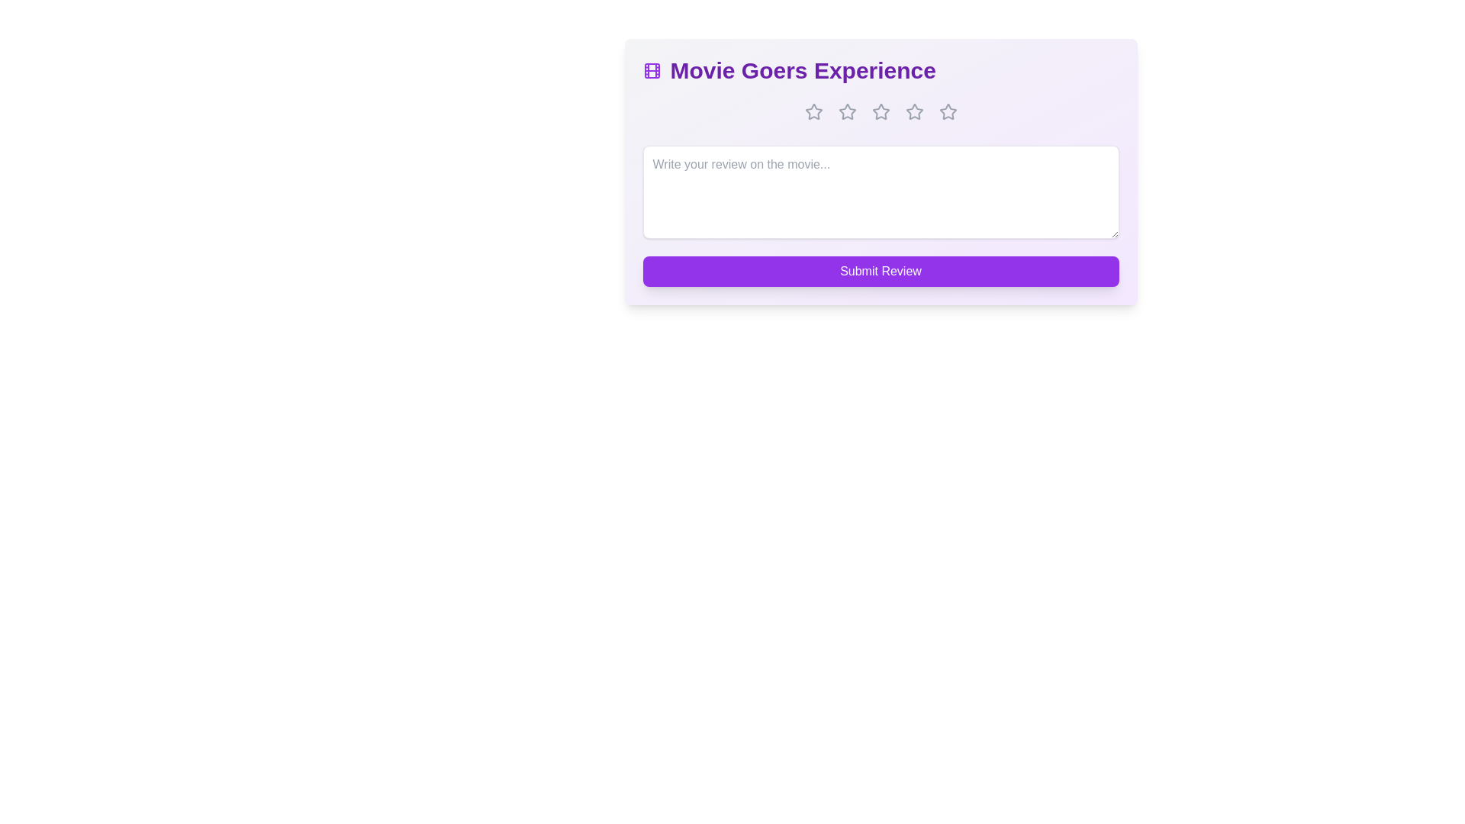  Describe the element at coordinates (846, 111) in the screenshot. I see `the star corresponding to 2 stars to set the rating` at that location.